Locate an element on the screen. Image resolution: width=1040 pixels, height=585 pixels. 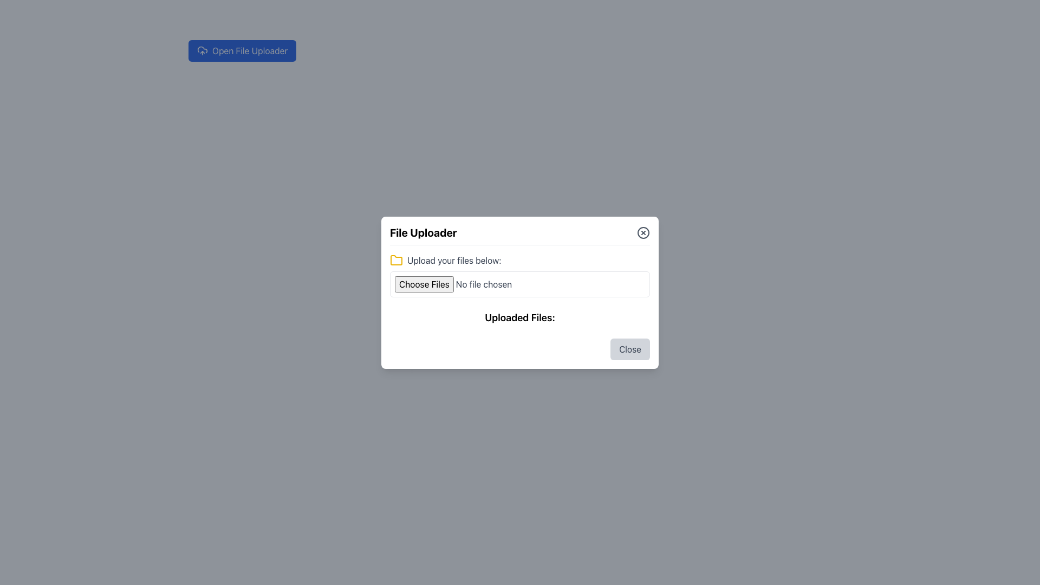
a file onto the rectangular file upload input field located below the text 'Upload your files below:' is located at coordinates (520, 283).